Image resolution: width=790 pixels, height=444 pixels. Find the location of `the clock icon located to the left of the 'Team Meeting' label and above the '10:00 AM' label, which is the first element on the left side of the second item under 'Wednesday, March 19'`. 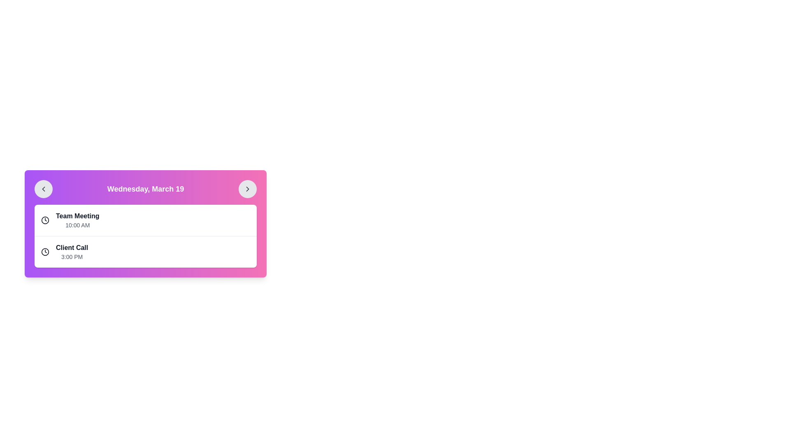

the clock icon located to the left of the 'Team Meeting' label and above the '10:00 AM' label, which is the first element on the left side of the second item under 'Wednesday, March 19' is located at coordinates (45, 220).